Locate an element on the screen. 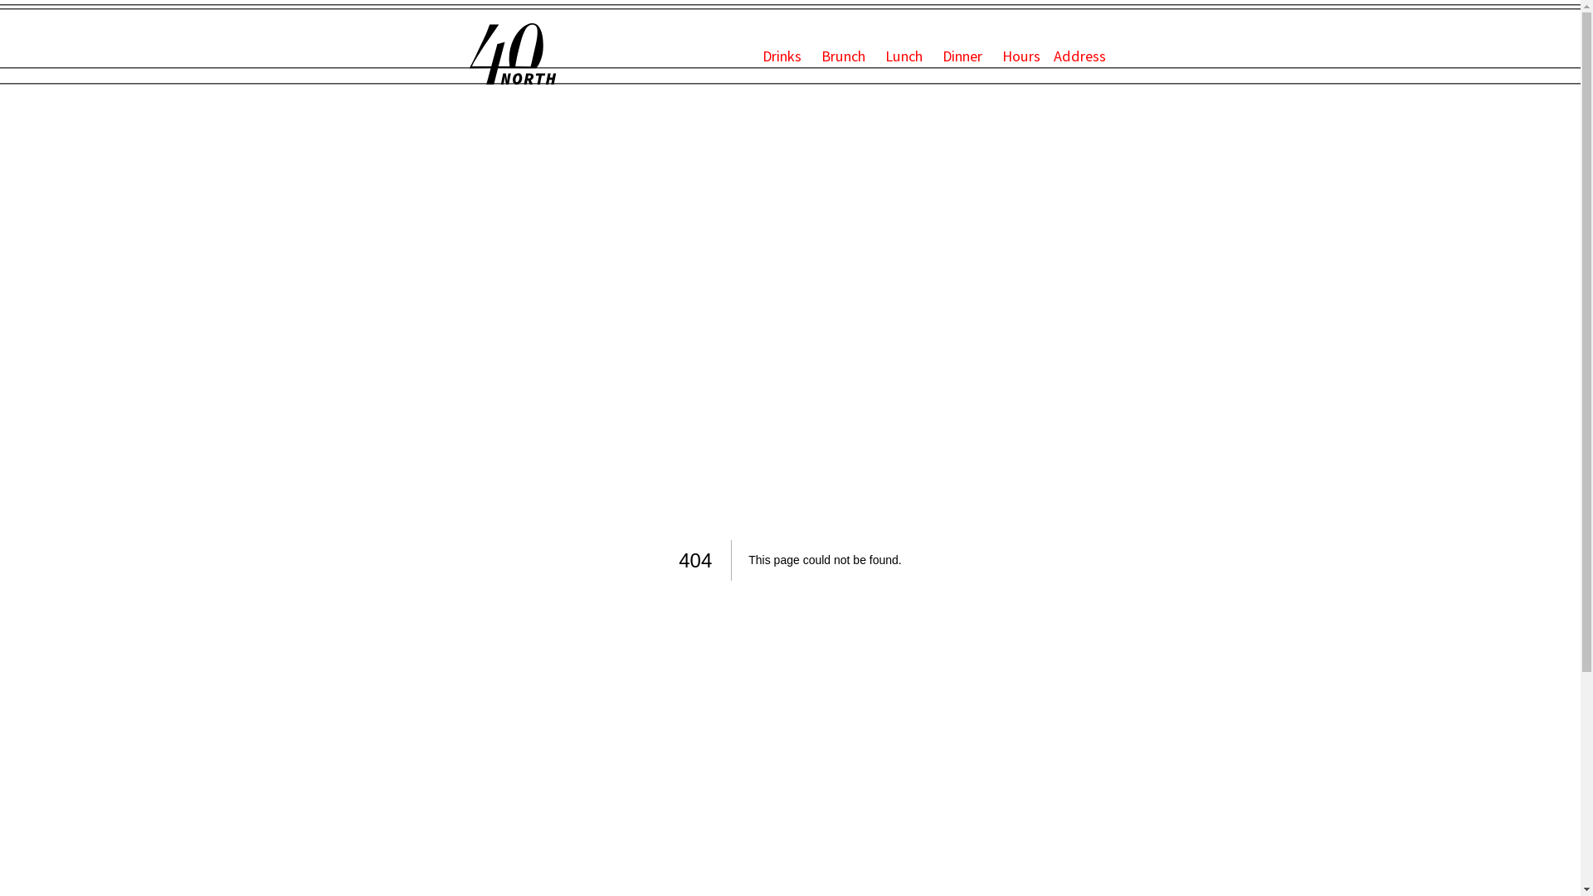 The image size is (1593, 896). 'Lunch' is located at coordinates (905, 55).